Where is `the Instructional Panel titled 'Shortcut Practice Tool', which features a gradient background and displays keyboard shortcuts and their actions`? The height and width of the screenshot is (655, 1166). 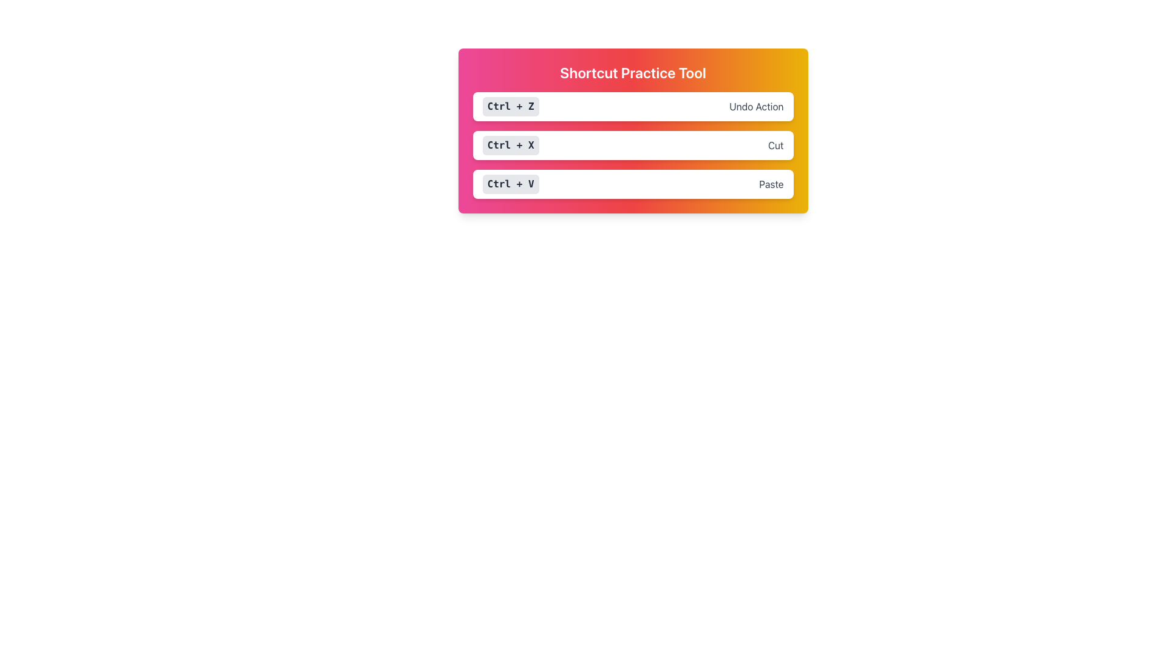 the Instructional Panel titled 'Shortcut Practice Tool', which features a gradient background and displays keyboard shortcuts and their actions is located at coordinates (632, 131).